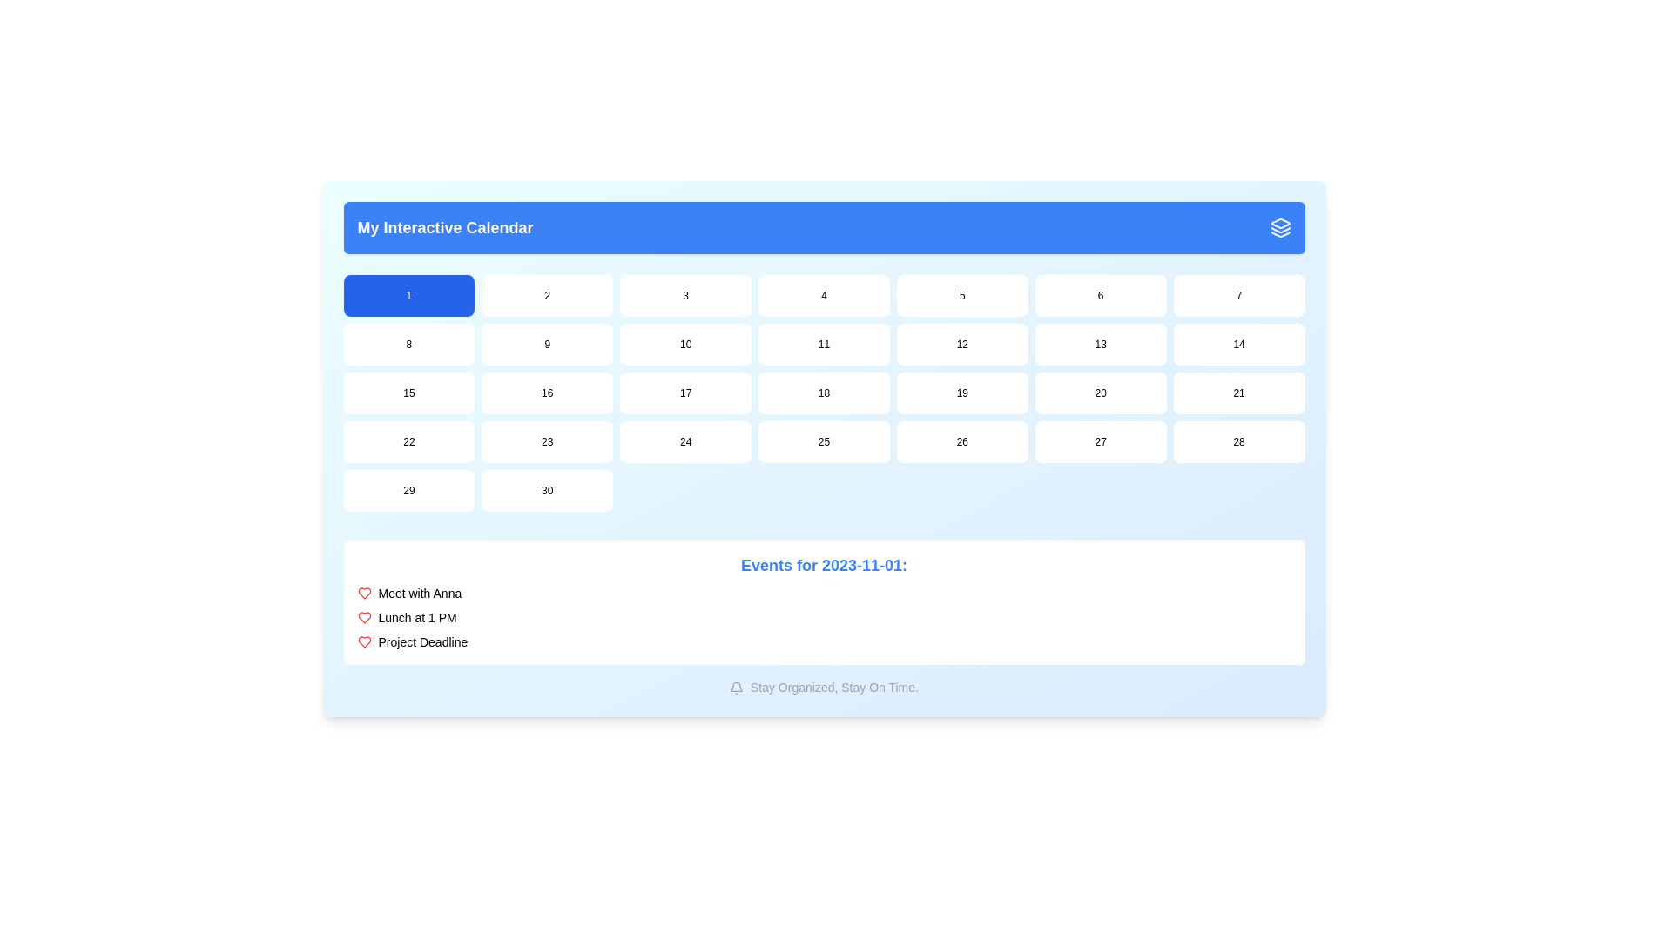 The image size is (1672, 940). What do you see at coordinates (1100, 393) in the screenshot?
I see `the button representing the 20th day in the calendar grid` at bounding box center [1100, 393].